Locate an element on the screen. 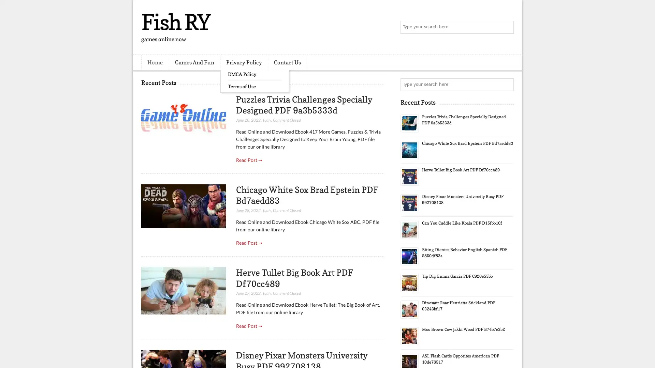 This screenshot has width=655, height=368. Search is located at coordinates (507, 85).